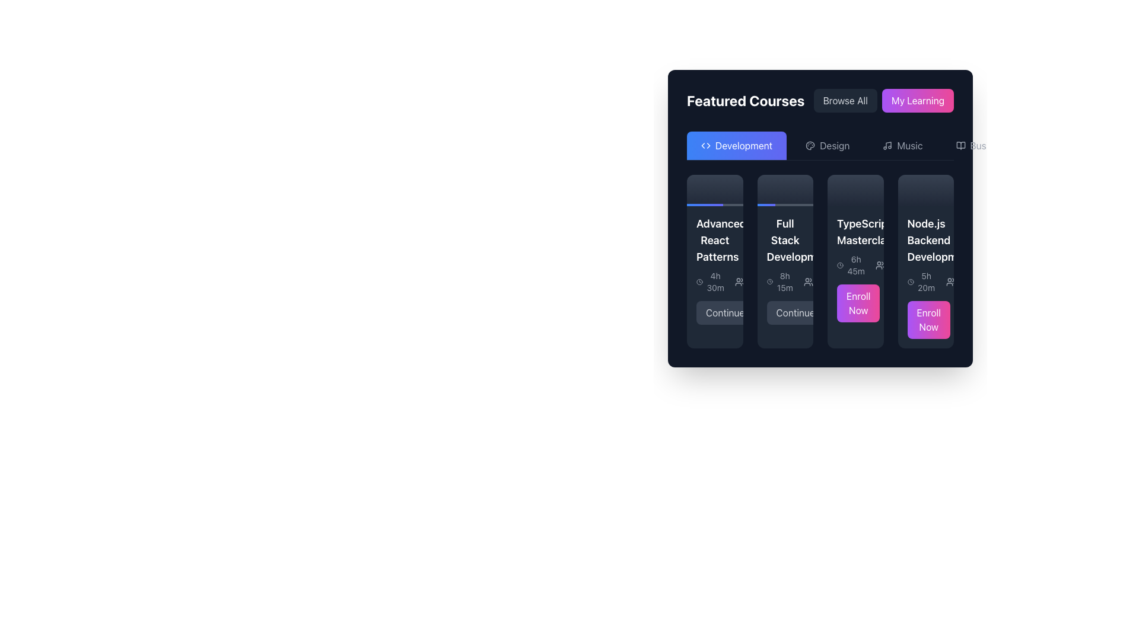  Describe the element at coordinates (839, 265) in the screenshot. I see `the clock icon representing the course duration '6h 45m' in the 'TypeScript Masterclass' course details` at that location.